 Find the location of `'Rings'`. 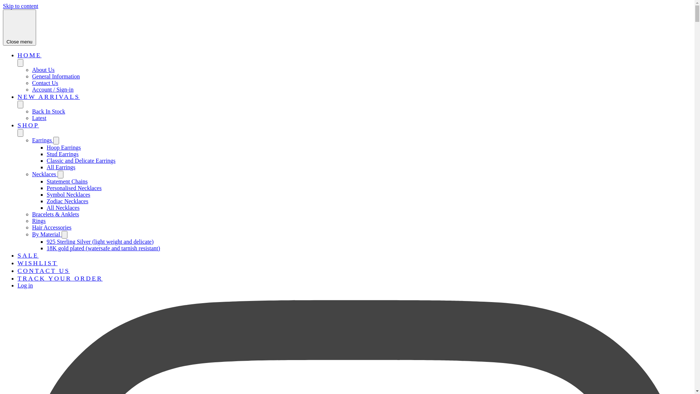

'Rings' is located at coordinates (38, 220).